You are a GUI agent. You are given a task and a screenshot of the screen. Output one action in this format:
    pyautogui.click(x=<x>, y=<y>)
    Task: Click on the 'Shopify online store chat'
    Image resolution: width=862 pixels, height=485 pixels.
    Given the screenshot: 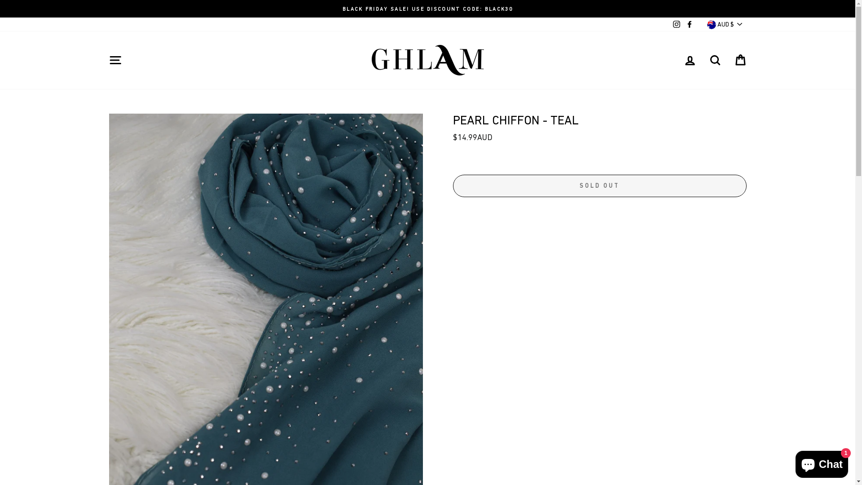 What is the action you would take?
    pyautogui.click(x=793, y=462)
    